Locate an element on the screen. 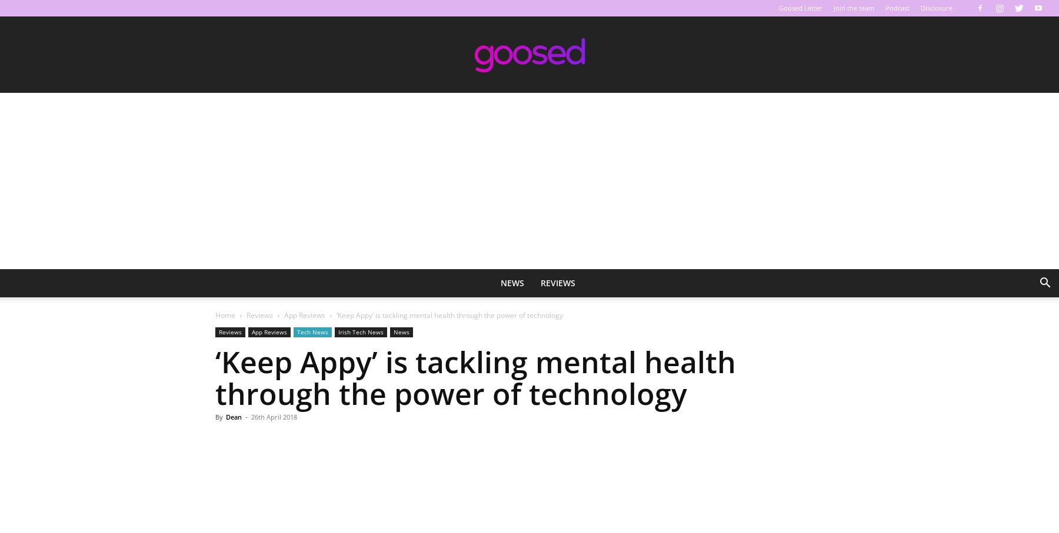  'By' is located at coordinates (215, 417).